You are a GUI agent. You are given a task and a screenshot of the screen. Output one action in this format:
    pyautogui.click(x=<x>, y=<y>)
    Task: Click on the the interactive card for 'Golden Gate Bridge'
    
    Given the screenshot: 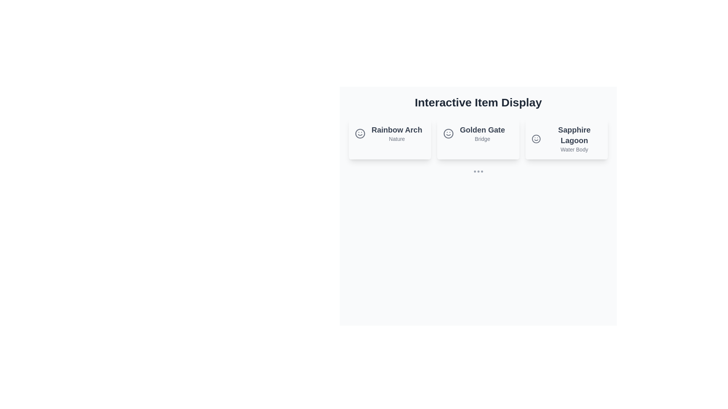 What is the action you would take?
    pyautogui.click(x=474, y=133)
    